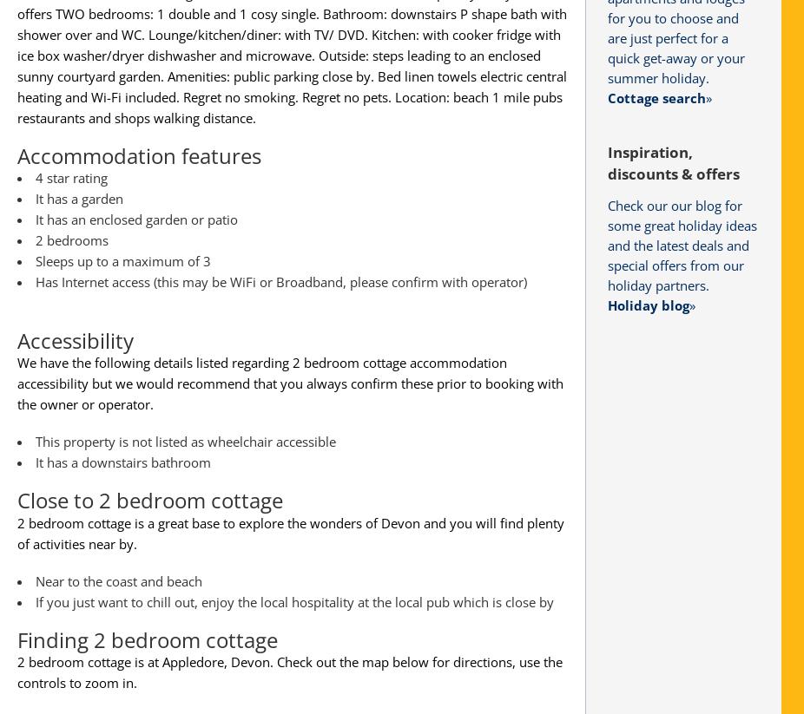 This screenshot has height=714, width=804. Describe the element at coordinates (70, 240) in the screenshot. I see `'2 bedrooms'` at that location.